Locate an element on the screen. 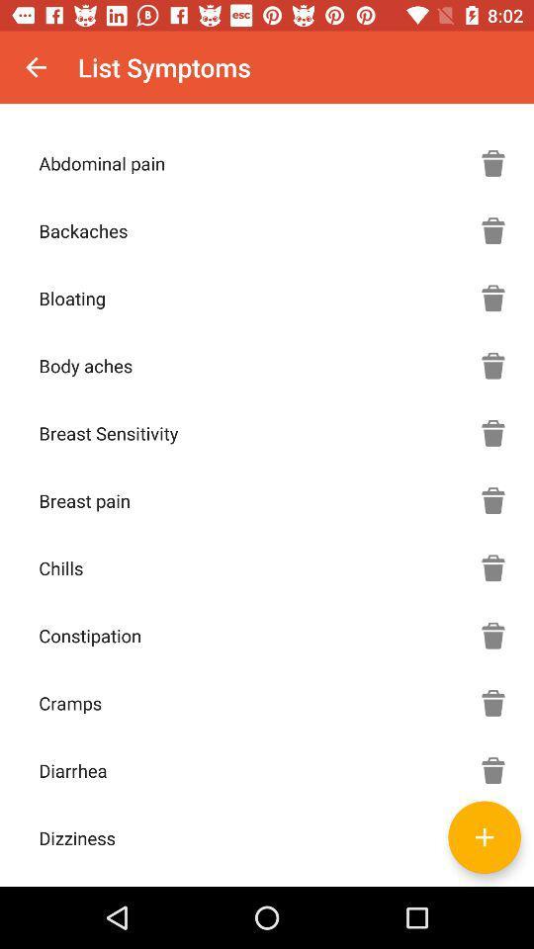 This screenshot has height=949, width=534. the add icon is located at coordinates (484, 836).